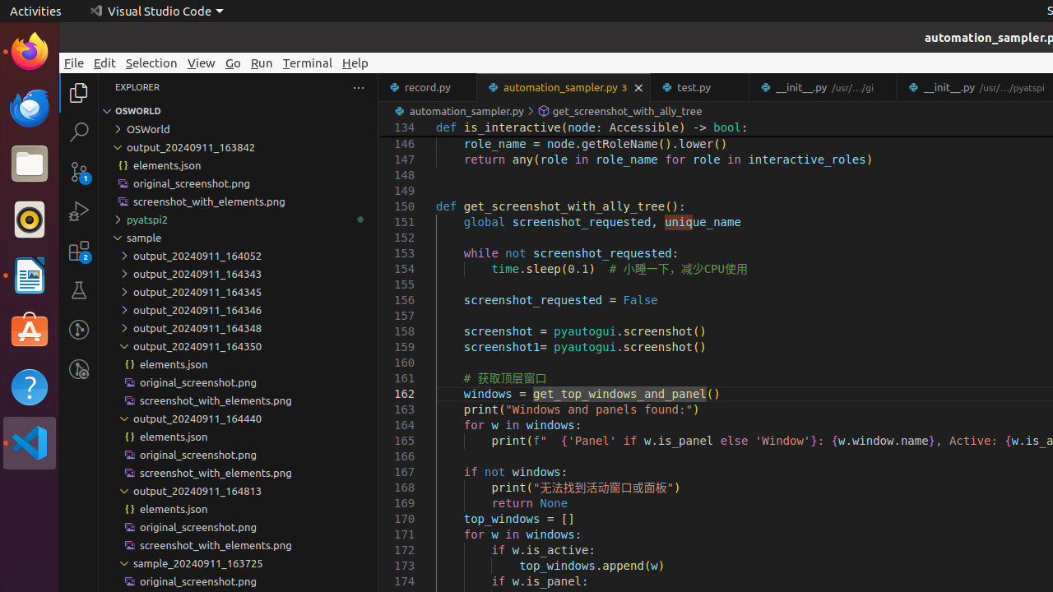  I want to click on 'Edit', so click(104, 62).